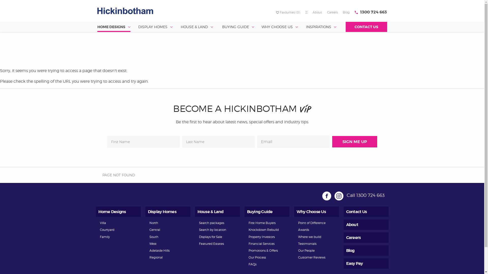 The image size is (488, 274). Describe the element at coordinates (159, 250) in the screenshot. I see `'Adelaide Hills'` at that location.